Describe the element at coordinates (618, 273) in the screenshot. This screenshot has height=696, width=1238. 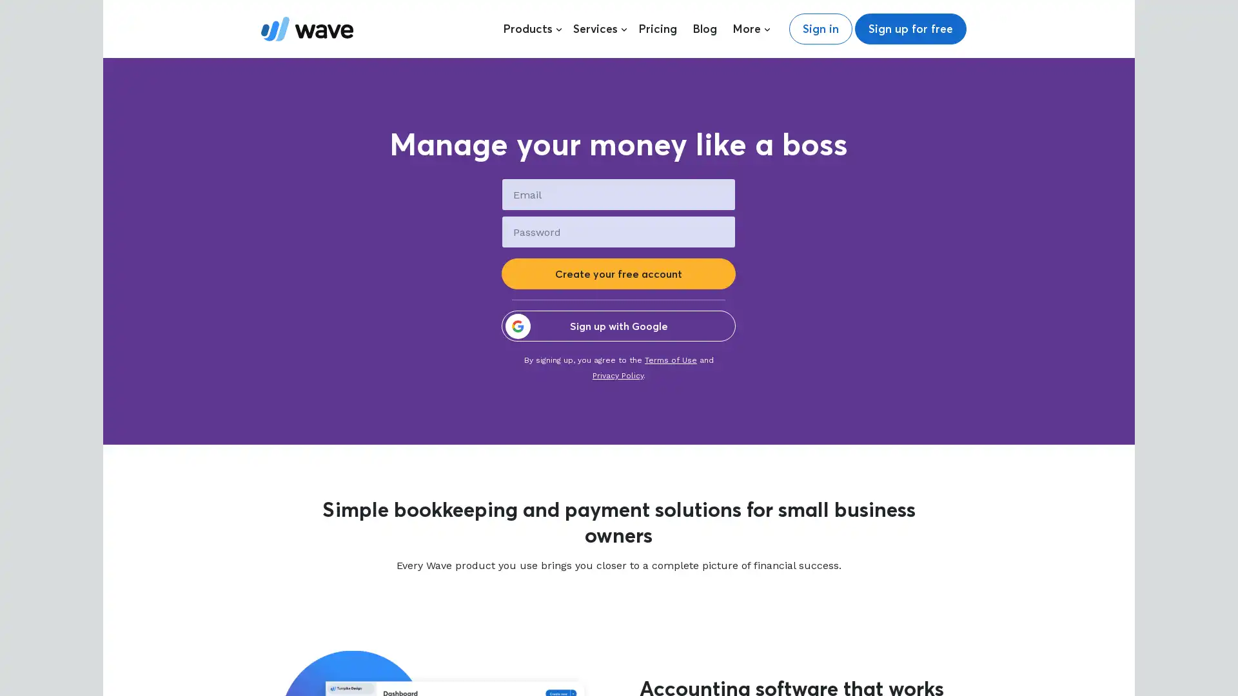
I see `Create your free account` at that location.